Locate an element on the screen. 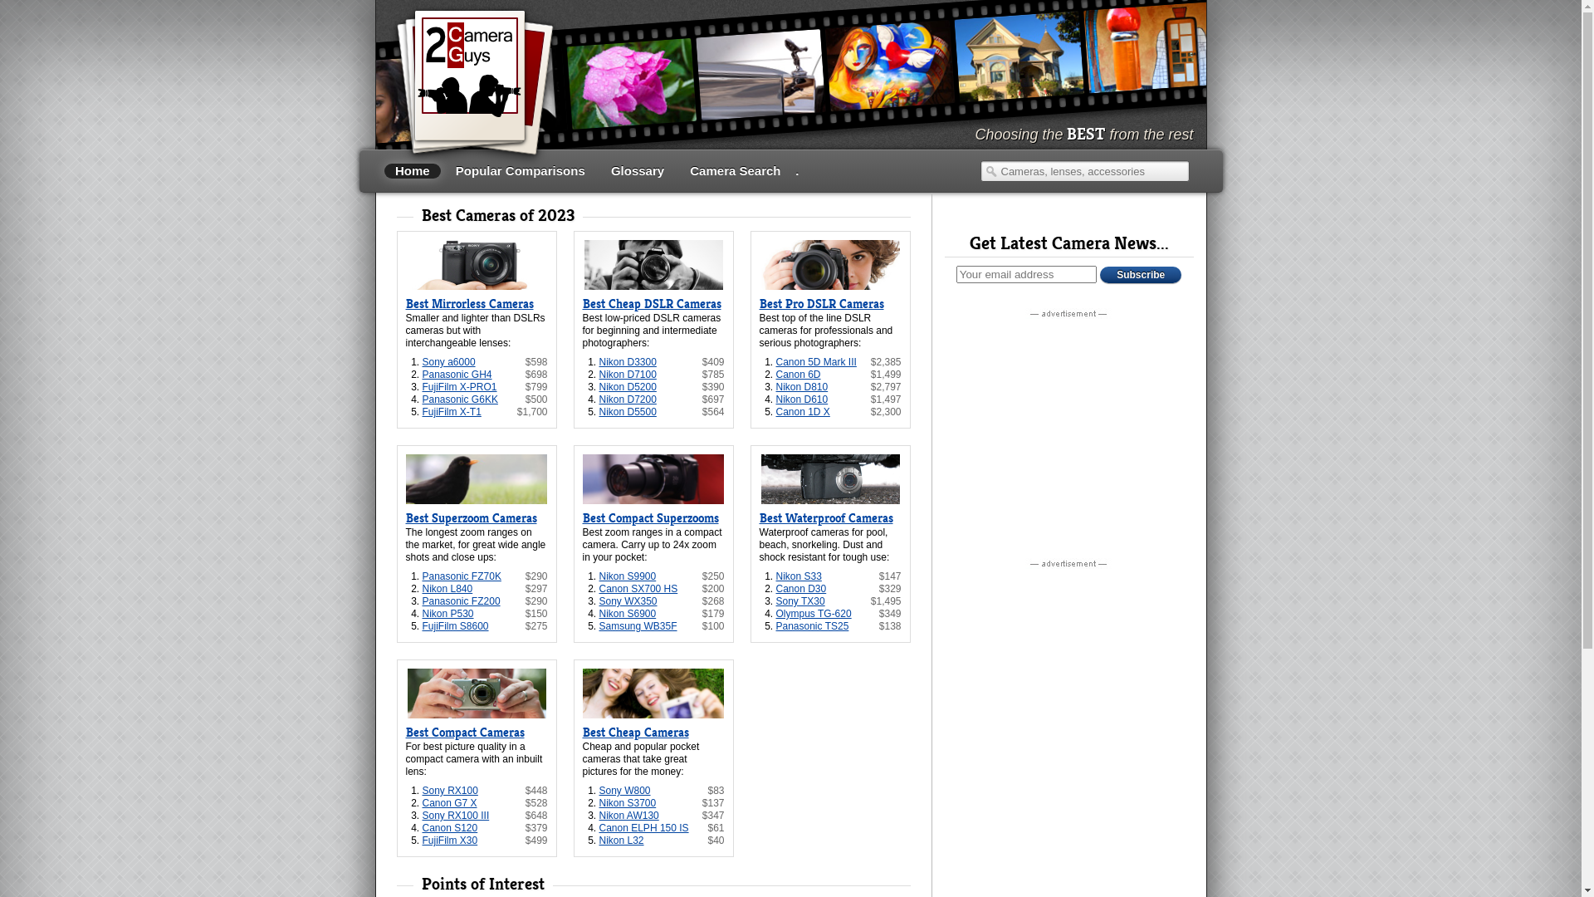 Image resolution: width=1594 pixels, height=897 pixels. 'Panasonic G6KK' is located at coordinates (459, 399).